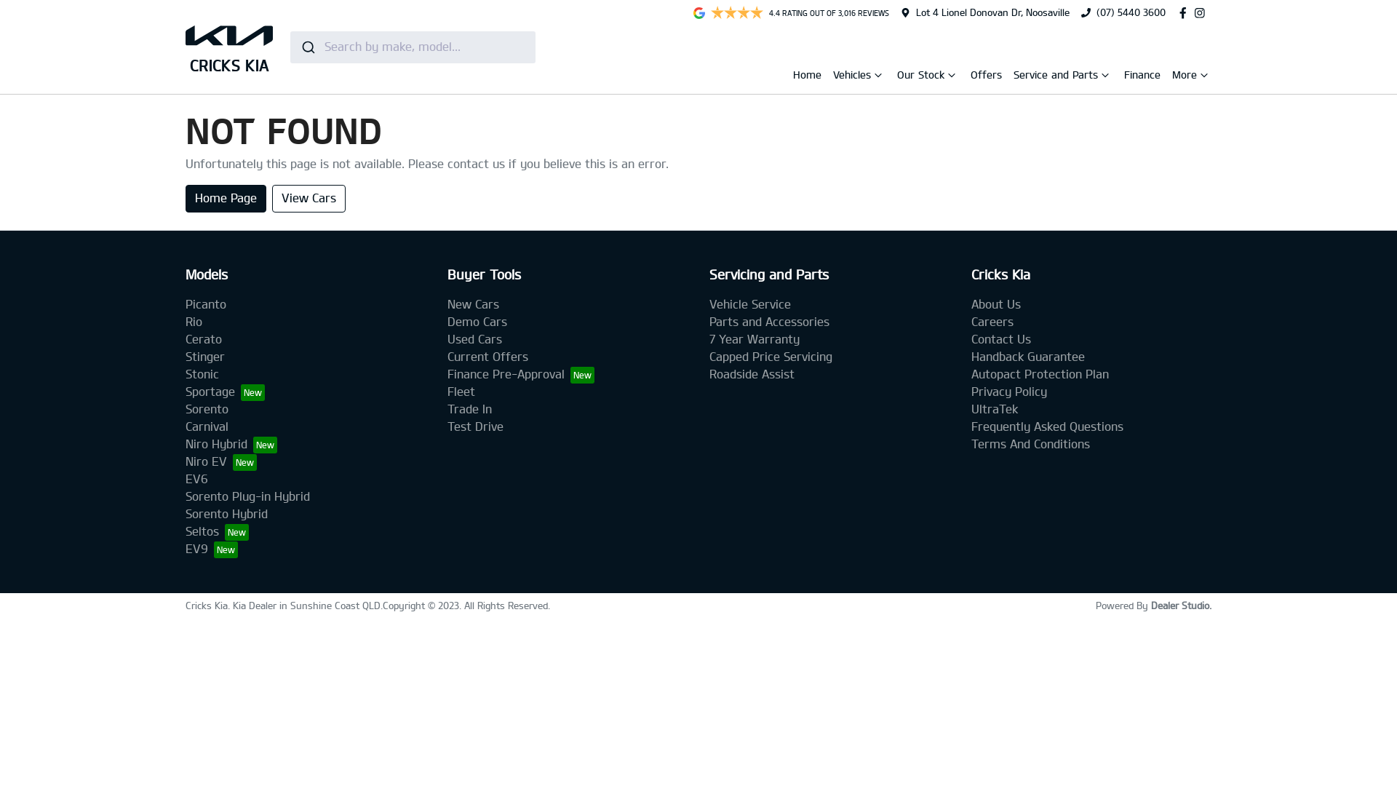  What do you see at coordinates (1000, 339) in the screenshot?
I see `'Contact Us'` at bounding box center [1000, 339].